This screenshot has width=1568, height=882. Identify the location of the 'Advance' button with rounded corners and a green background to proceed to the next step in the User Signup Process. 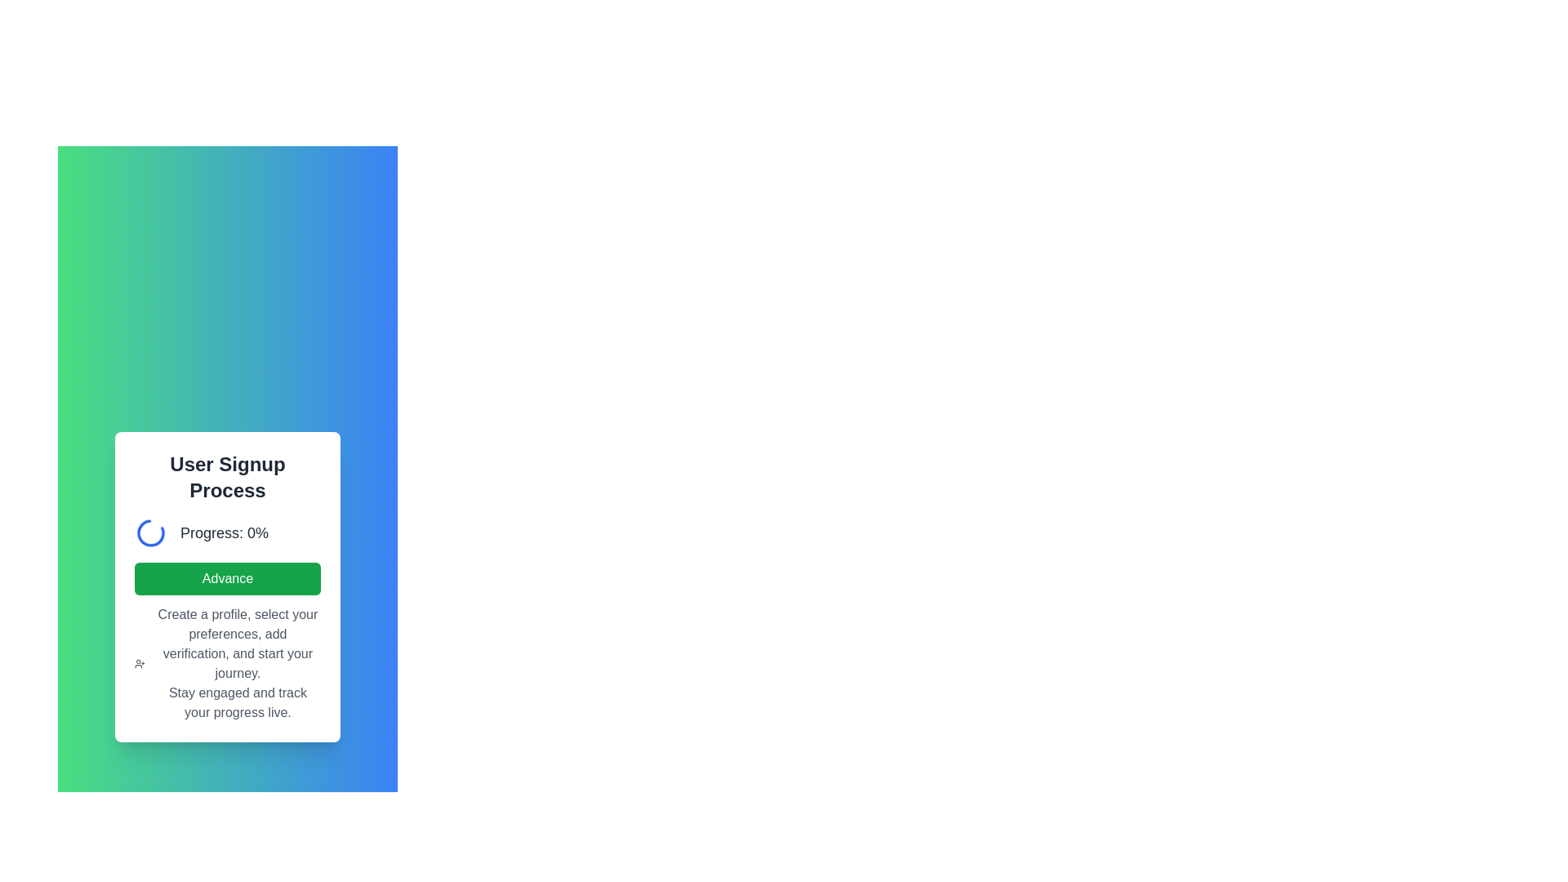
(226, 578).